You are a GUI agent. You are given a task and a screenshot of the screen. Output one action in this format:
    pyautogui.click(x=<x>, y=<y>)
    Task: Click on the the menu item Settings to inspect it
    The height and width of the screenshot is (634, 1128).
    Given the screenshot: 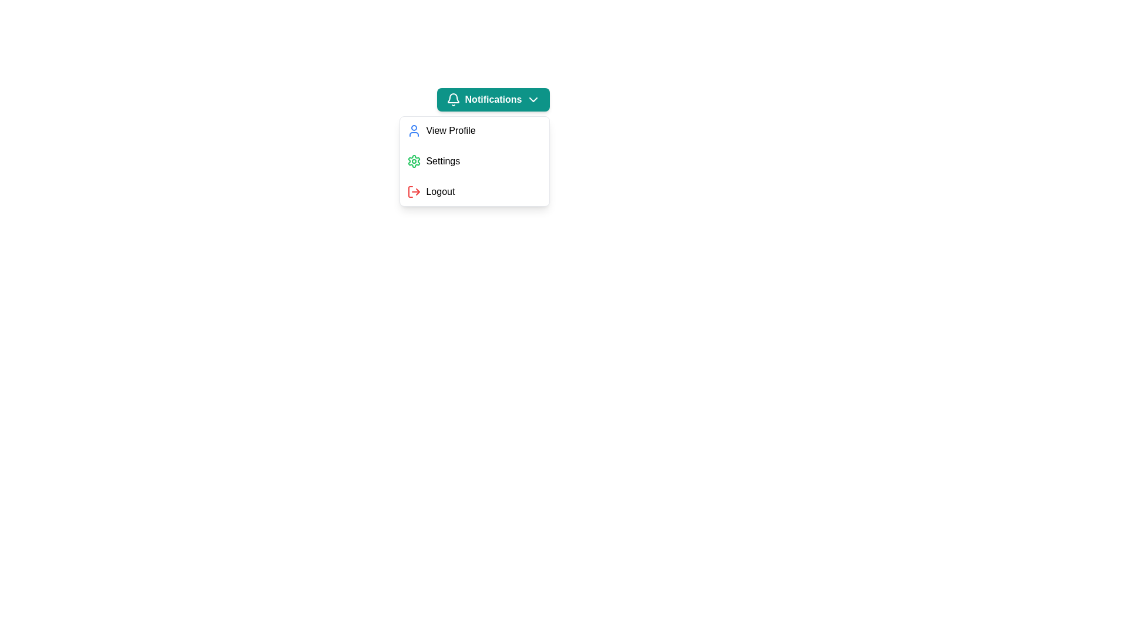 What is the action you would take?
    pyautogui.click(x=474, y=161)
    